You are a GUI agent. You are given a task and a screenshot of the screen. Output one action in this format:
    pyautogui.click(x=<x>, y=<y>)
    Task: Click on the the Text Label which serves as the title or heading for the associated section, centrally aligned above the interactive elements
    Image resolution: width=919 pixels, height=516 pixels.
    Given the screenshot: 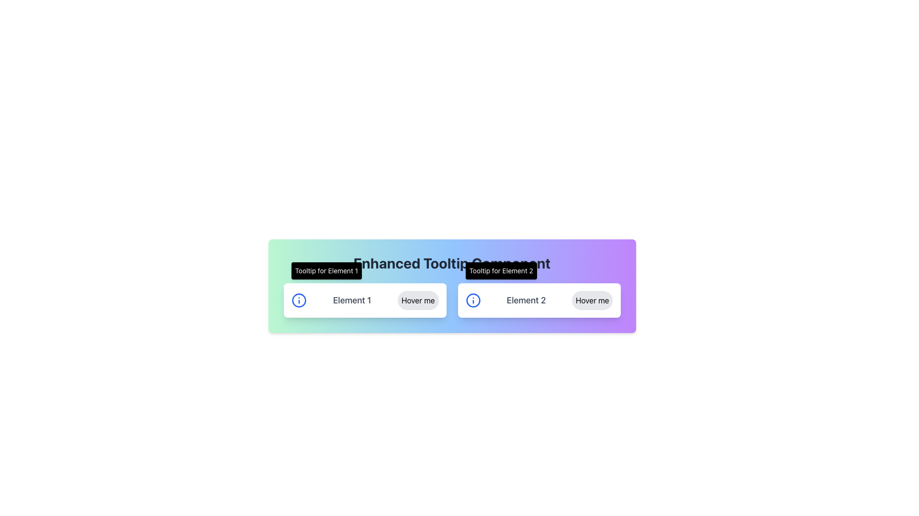 What is the action you would take?
    pyautogui.click(x=451, y=263)
    